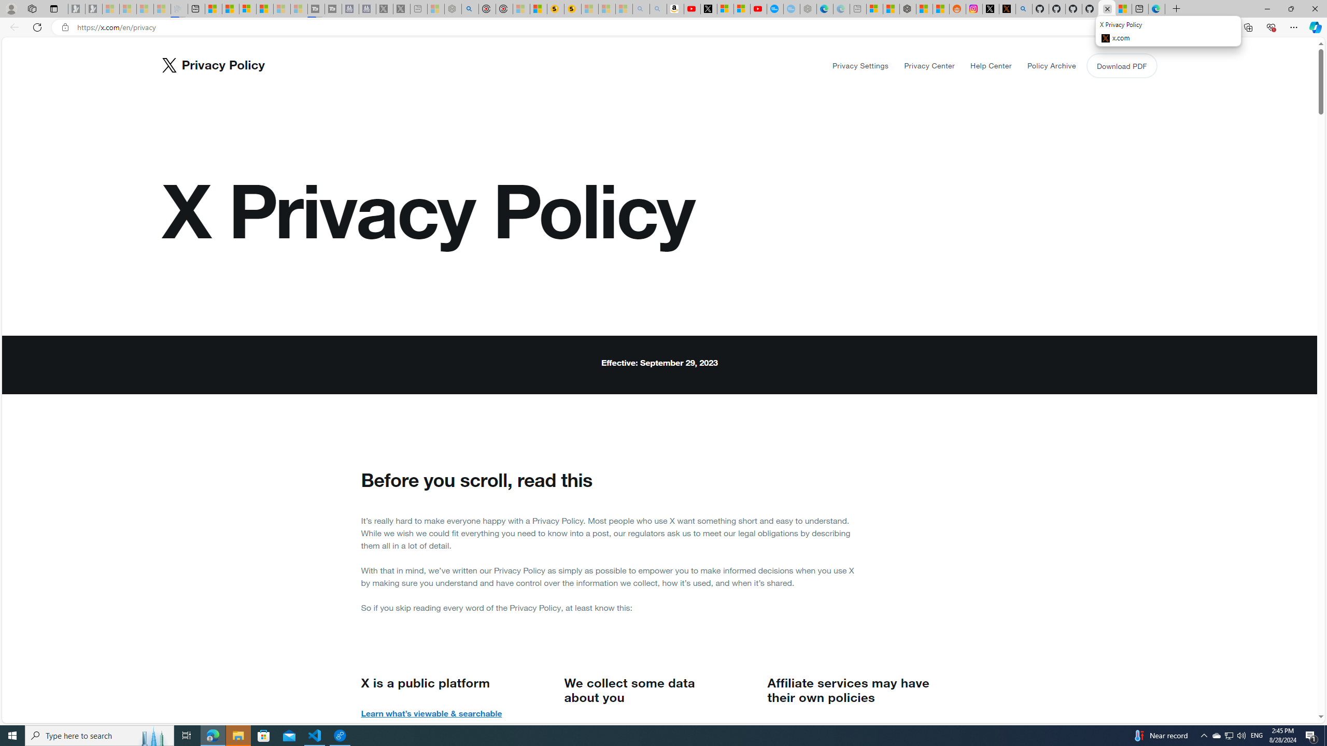  I want to click on 'github - Search', so click(1023, 8).